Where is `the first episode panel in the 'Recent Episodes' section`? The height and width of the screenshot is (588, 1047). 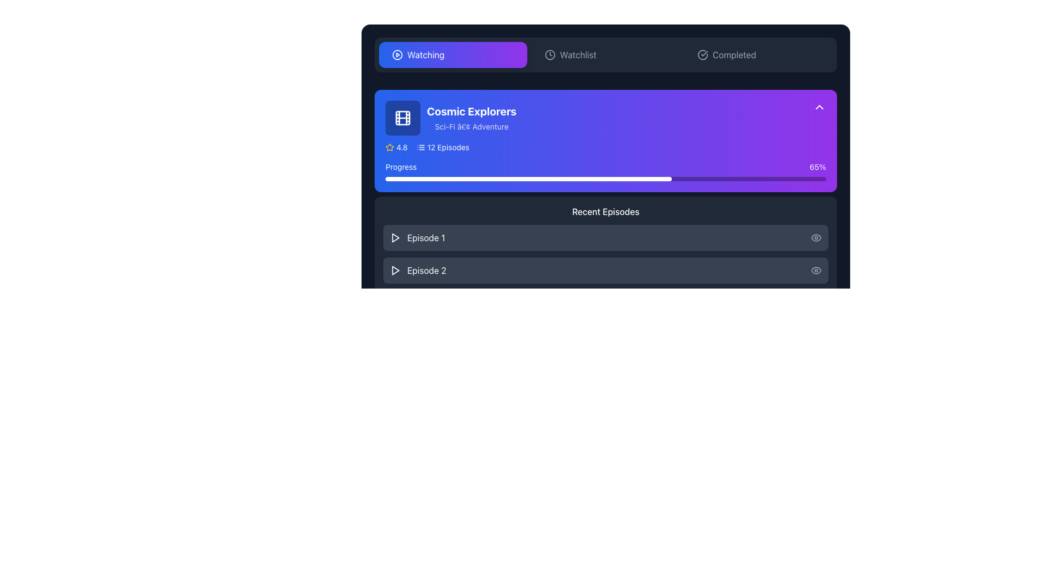 the first episode panel in the 'Recent Episodes' section is located at coordinates (605, 237).